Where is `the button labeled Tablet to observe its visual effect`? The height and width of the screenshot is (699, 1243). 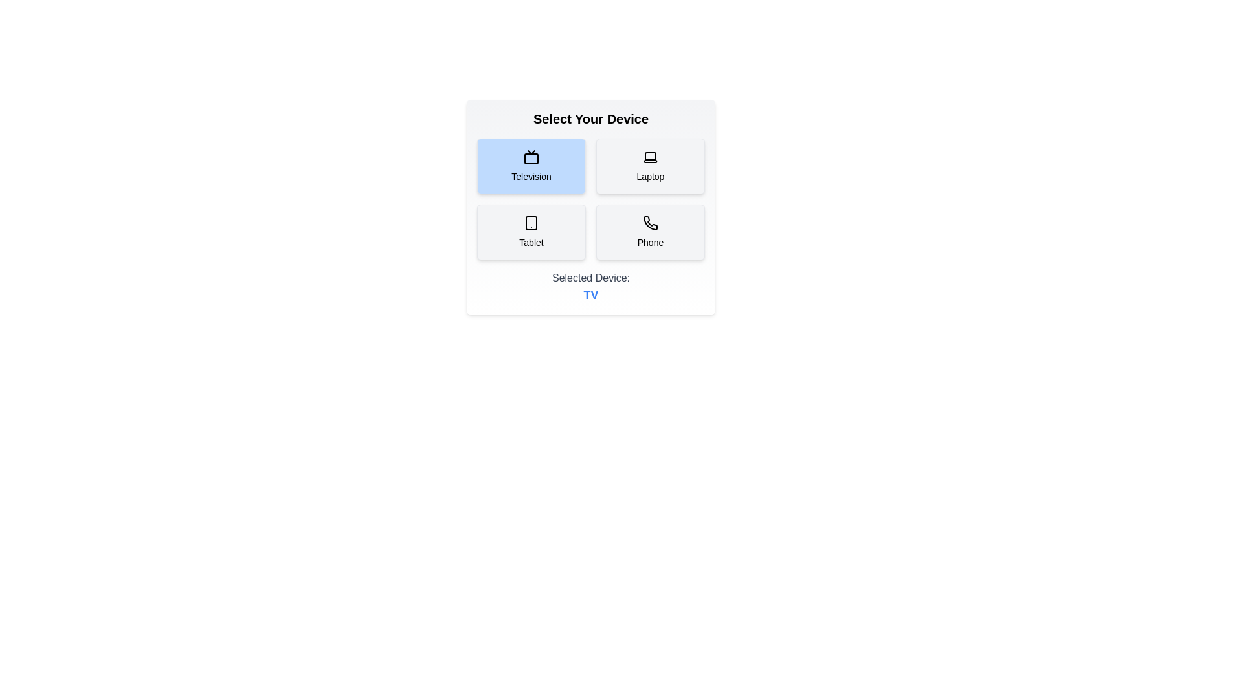
the button labeled Tablet to observe its visual effect is located at coordinates (531, 231).